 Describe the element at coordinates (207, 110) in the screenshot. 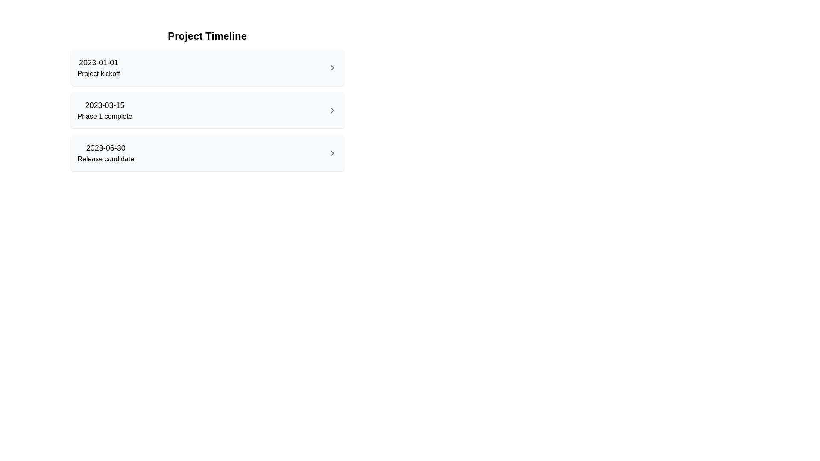

I see `the second list item, which displays the date '2023-03-15' and the description 'Phase 1 complete'` at that location.